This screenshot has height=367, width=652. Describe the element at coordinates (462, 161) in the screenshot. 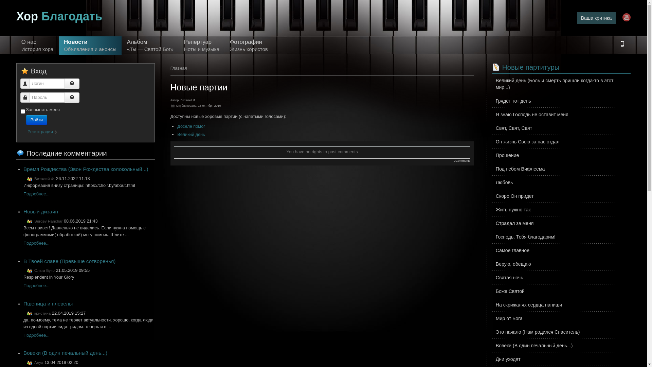

I see `'JComments'` at that location.